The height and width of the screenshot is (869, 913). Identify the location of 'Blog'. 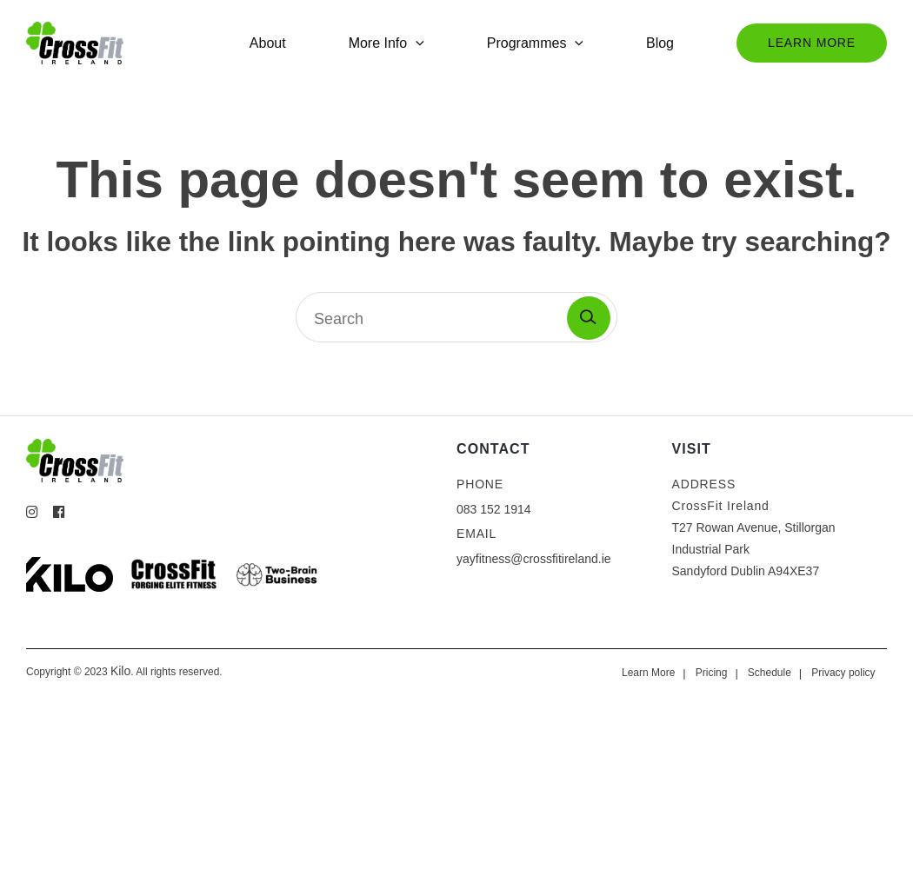
(659, 42).